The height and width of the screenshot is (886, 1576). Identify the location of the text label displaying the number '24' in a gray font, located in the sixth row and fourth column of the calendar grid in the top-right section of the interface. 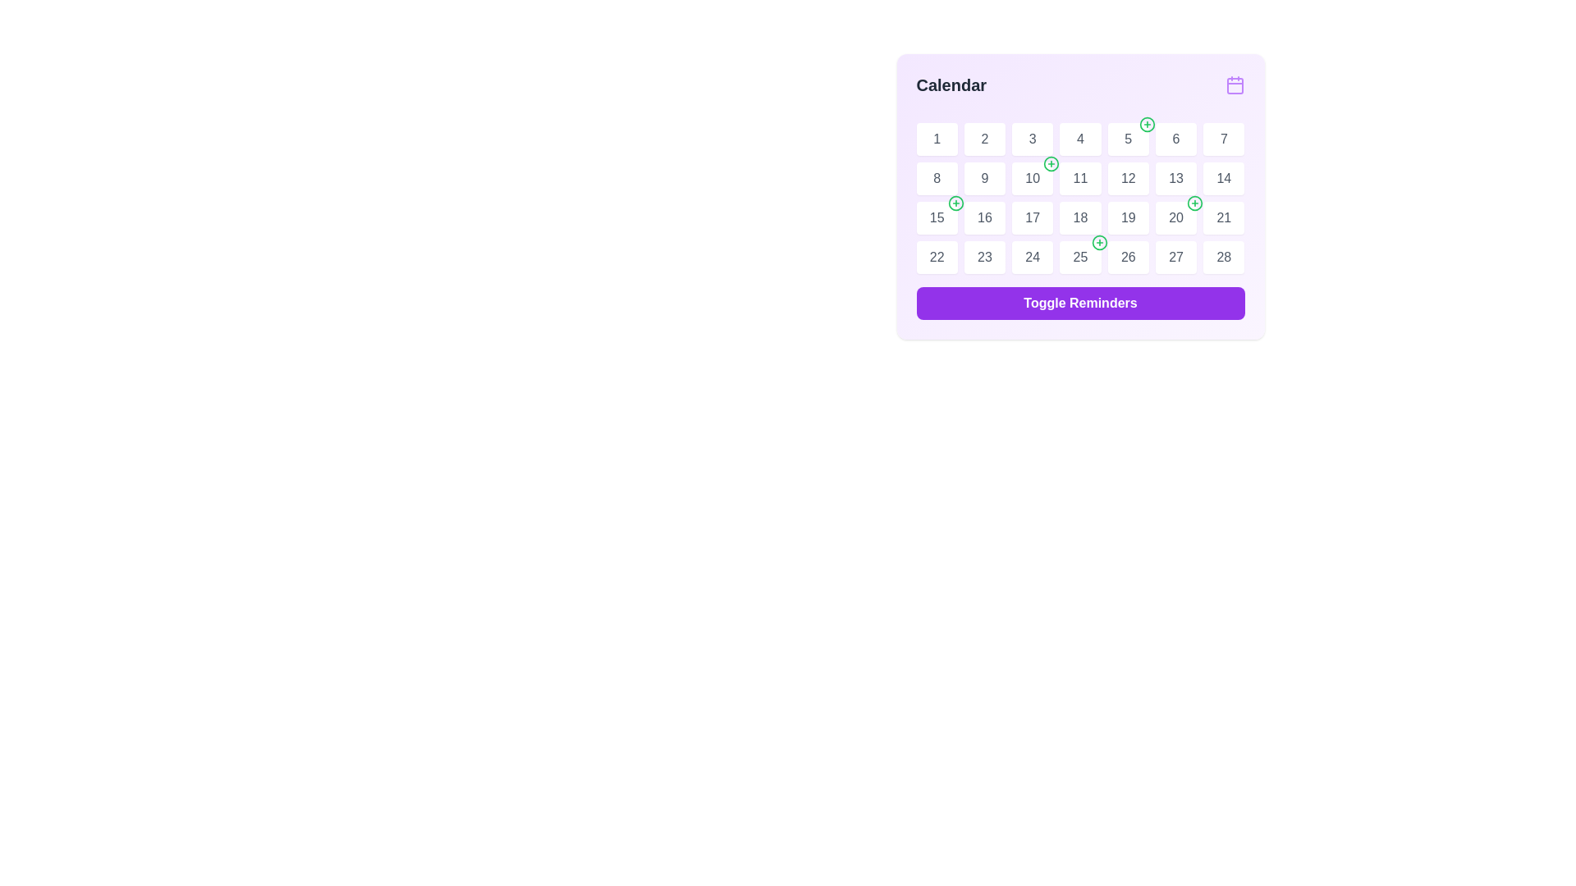
(1032, 257).